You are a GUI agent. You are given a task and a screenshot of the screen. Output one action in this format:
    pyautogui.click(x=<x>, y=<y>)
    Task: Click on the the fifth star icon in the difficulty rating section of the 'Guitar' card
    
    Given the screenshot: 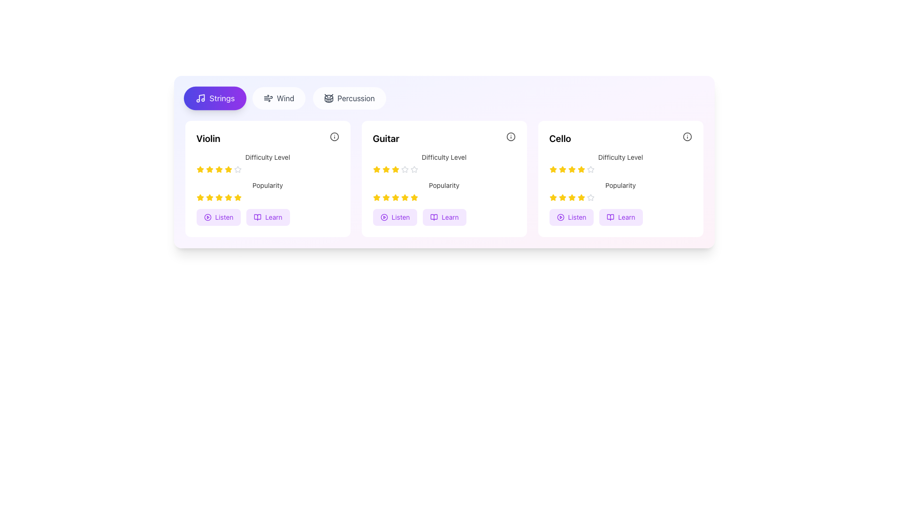 What is the action you would take?
    pyautogui.click(x=405, y=169)
    